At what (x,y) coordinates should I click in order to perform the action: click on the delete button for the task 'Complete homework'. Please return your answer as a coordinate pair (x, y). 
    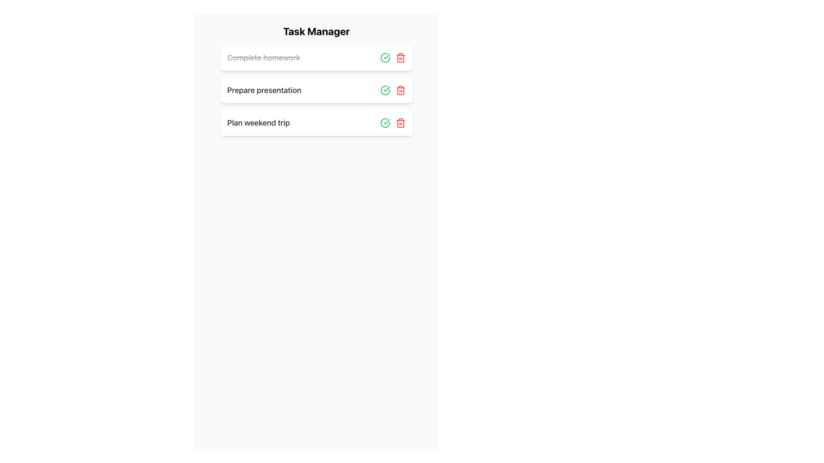
    Looking at the image, I should click on (400, 123).